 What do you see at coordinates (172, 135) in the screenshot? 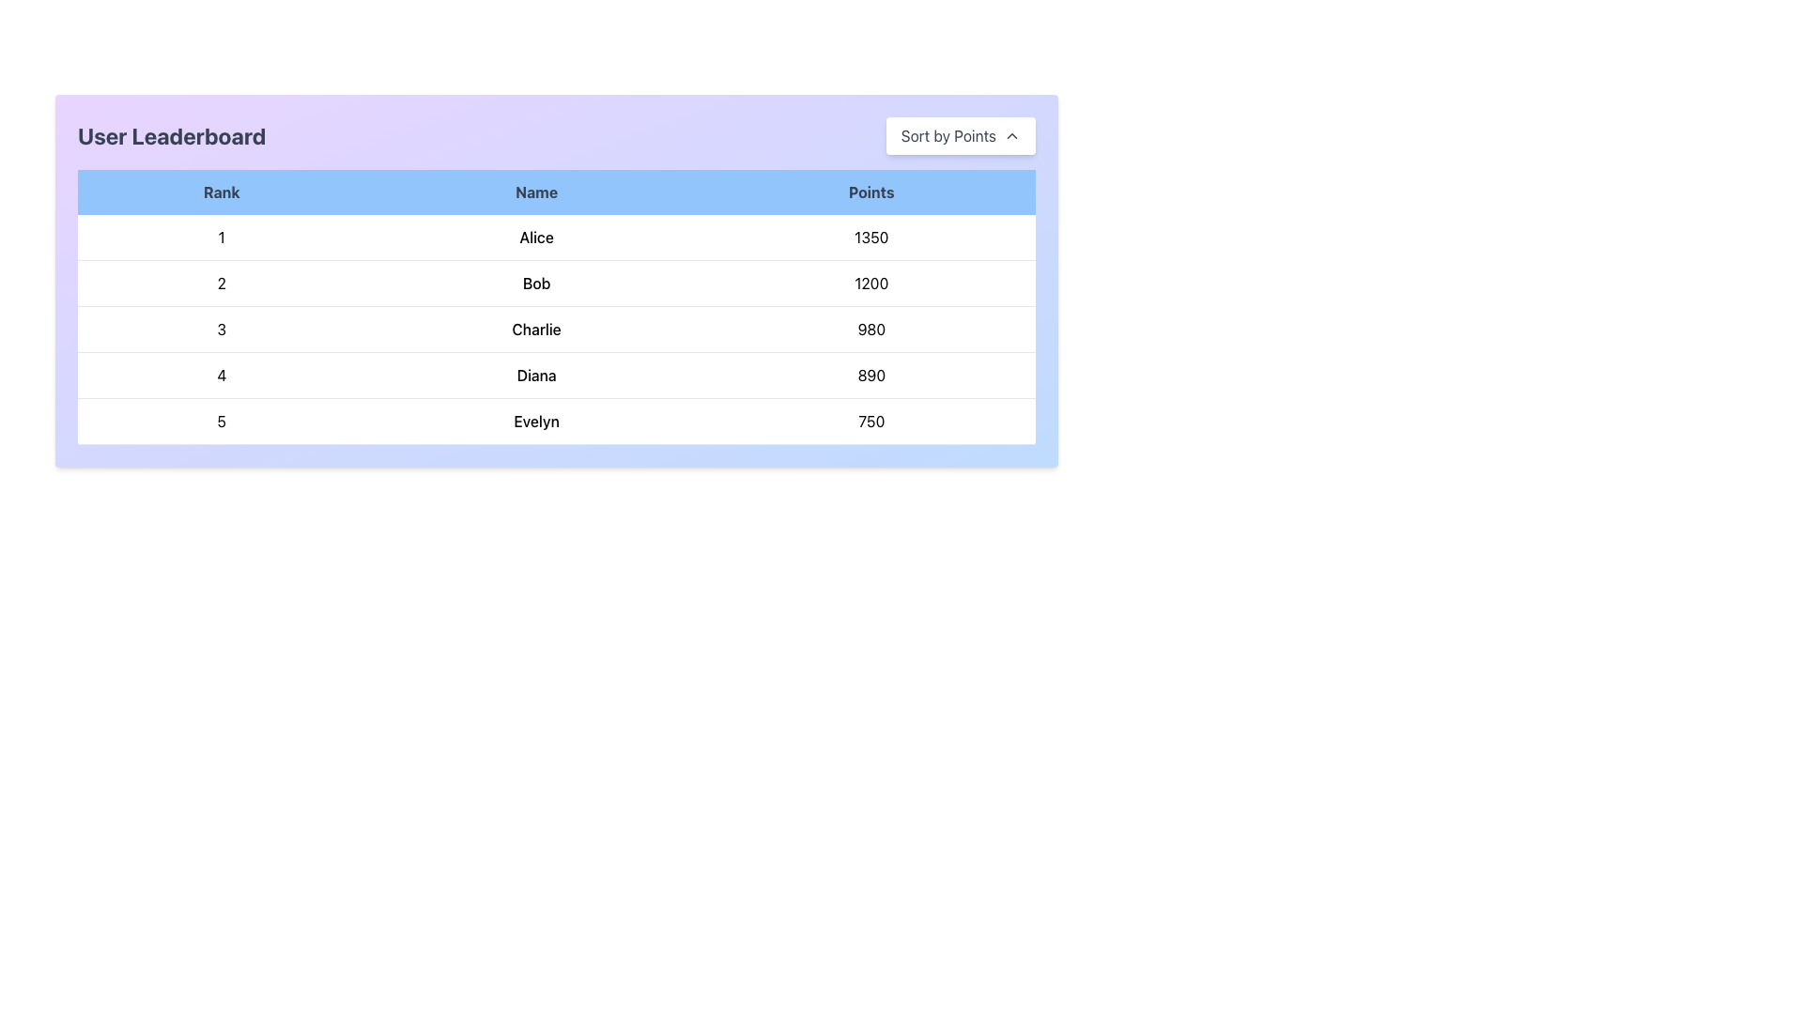
I see `the Text element that serves as a heading for the user leaderboard, positioned at the upper-left side of the interface` at bounding box center [172, 135].